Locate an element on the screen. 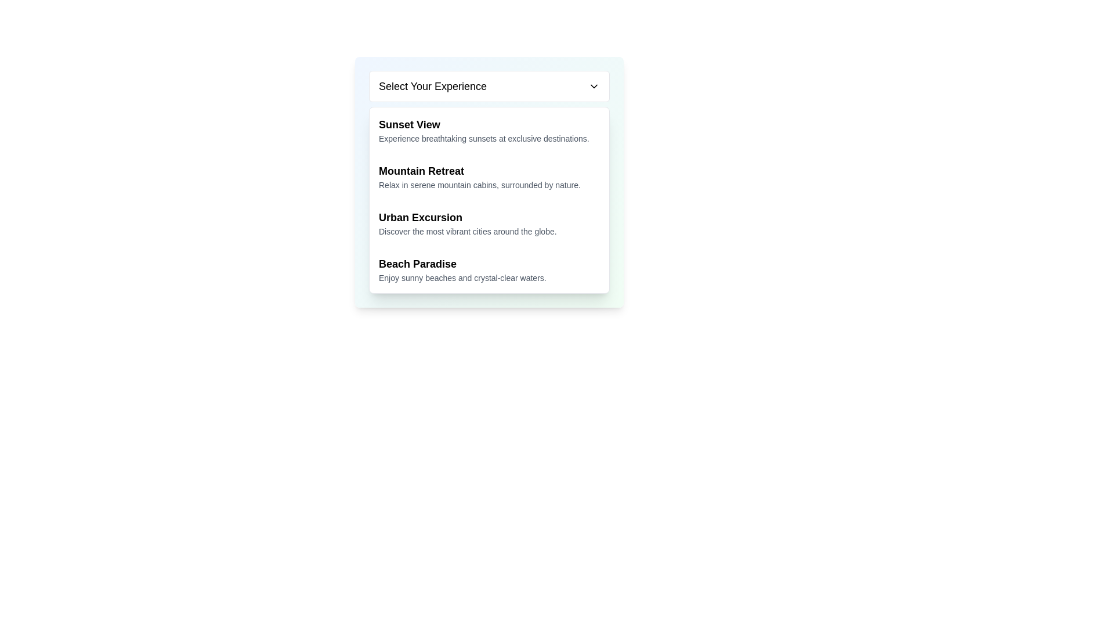  the Text Label that serves as the placeholder for the dropdown menu, indicating to the user to select an experience from the list below is located at coordinates (432, 86).